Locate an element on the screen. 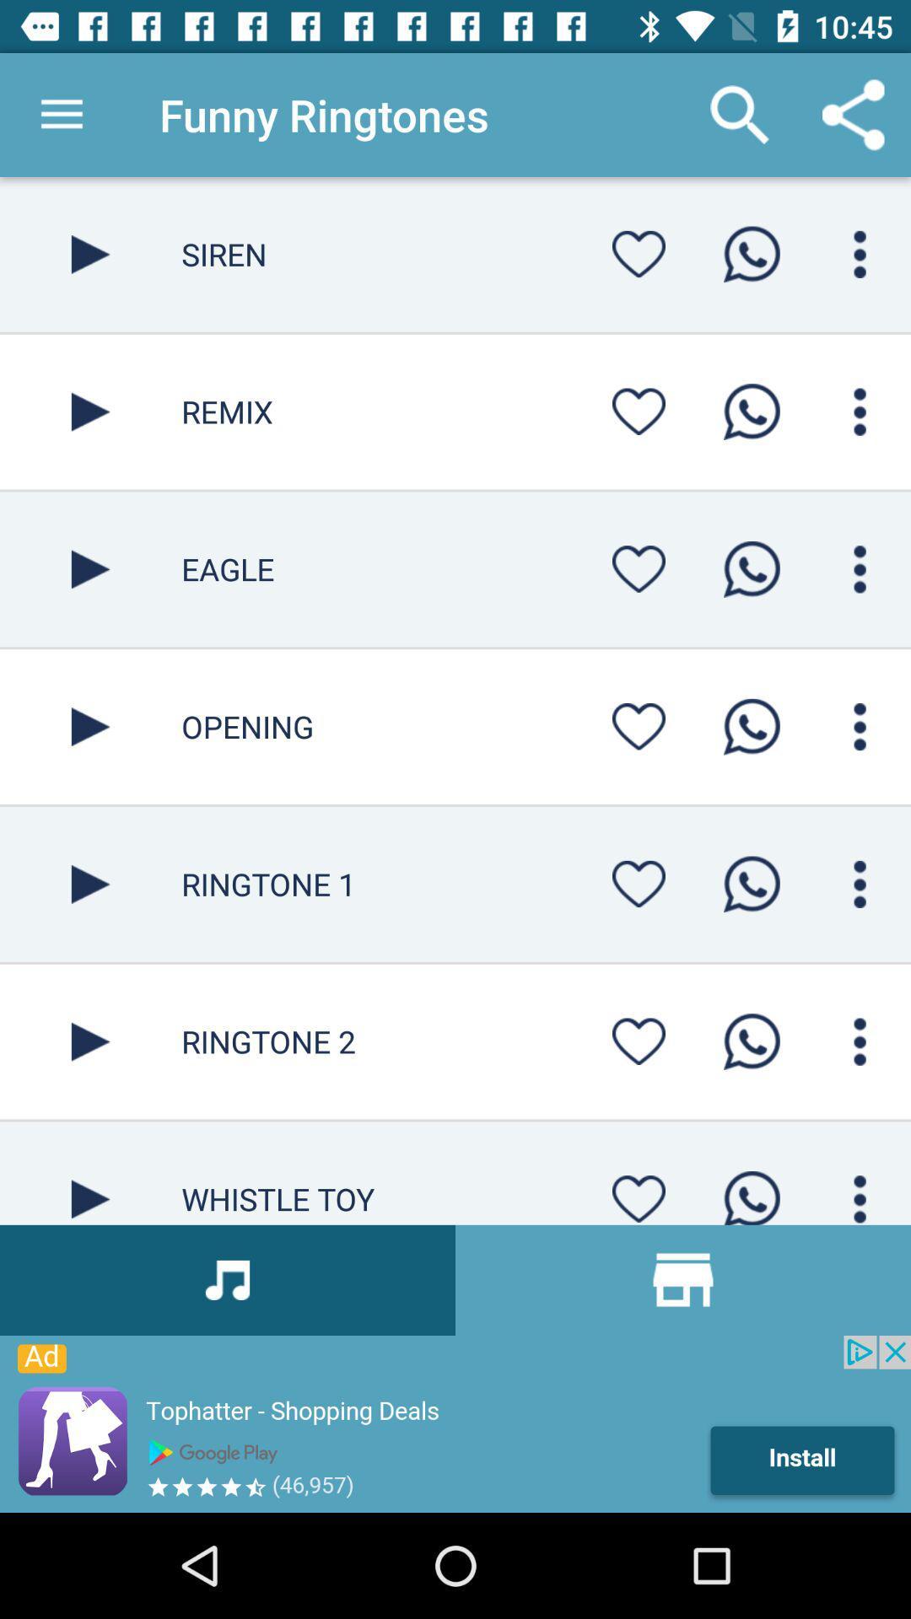 This screenshot has height=1619, width=911. control settings is located at coordinates (860, 1193).